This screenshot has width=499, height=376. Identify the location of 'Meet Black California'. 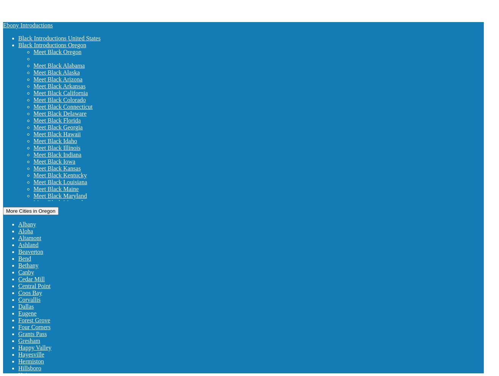
(60, 93).